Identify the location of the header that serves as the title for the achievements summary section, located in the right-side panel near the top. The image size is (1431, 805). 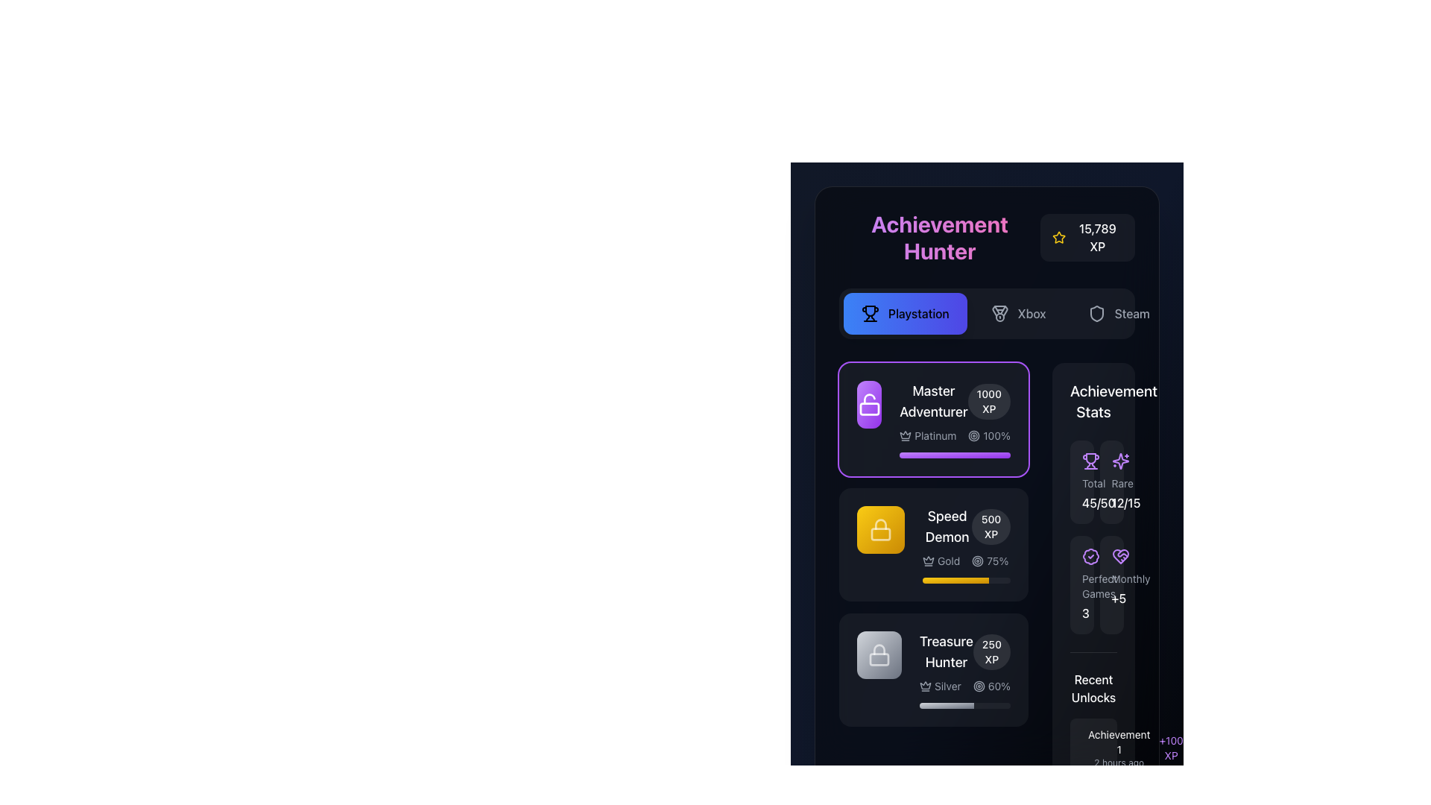
(1093, 401).